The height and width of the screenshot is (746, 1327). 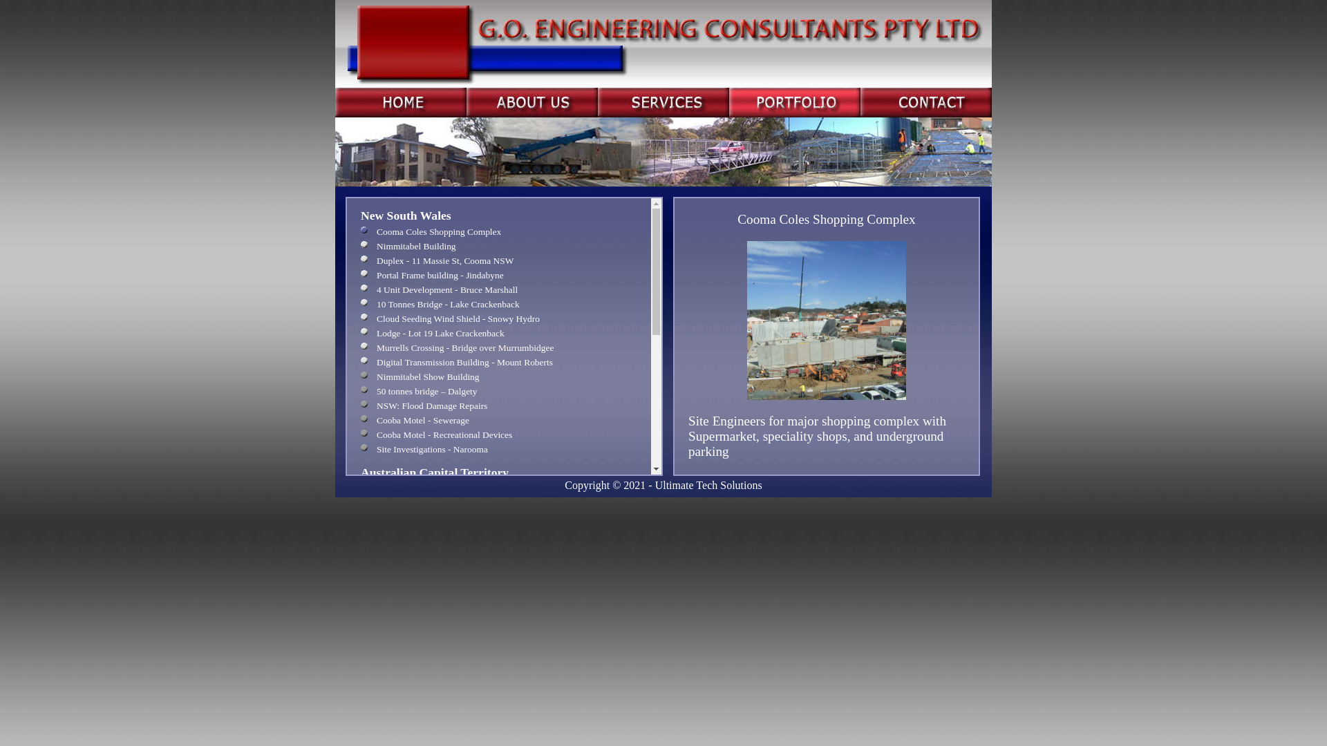 I want to click on 'Cooba Motel - Sewerage', so click(x=361, y=420).